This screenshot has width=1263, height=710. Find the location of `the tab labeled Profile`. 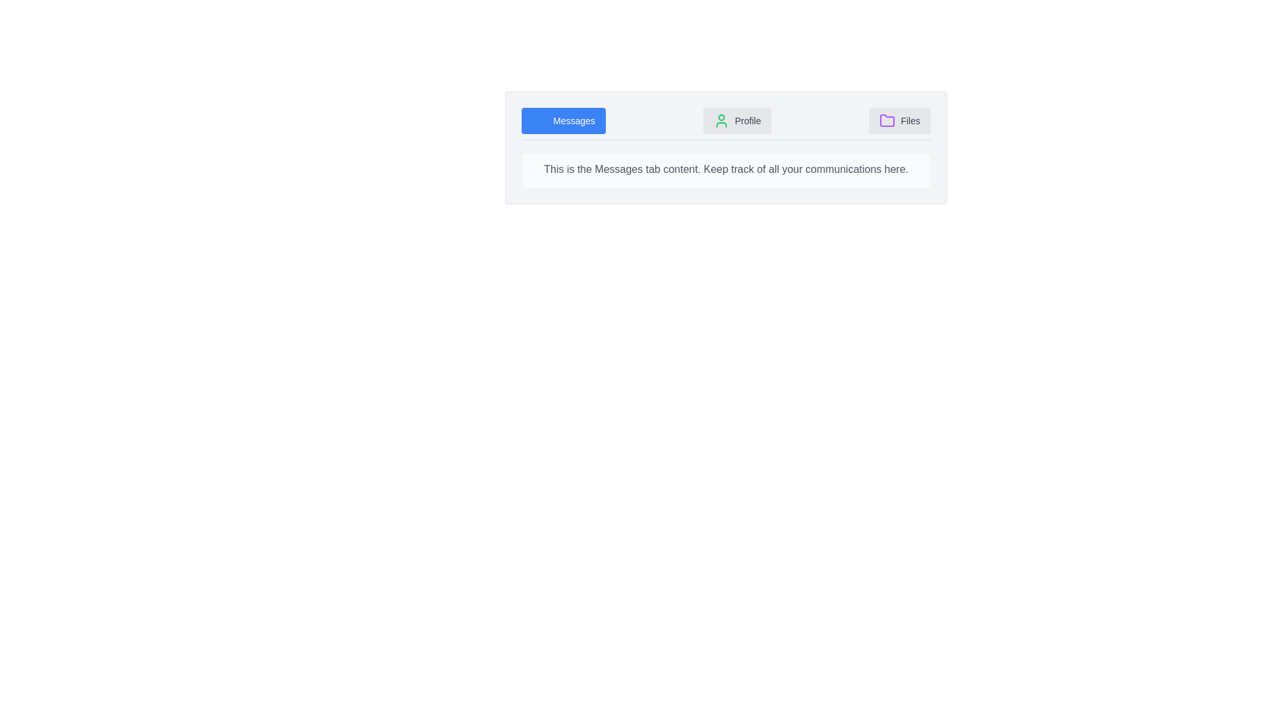

the tab labeled Profile is located at coordinates (737, 121).